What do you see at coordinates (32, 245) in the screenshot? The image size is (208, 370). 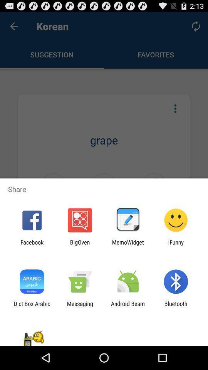 I see `the facebook item` at bounding box center [32, 245].